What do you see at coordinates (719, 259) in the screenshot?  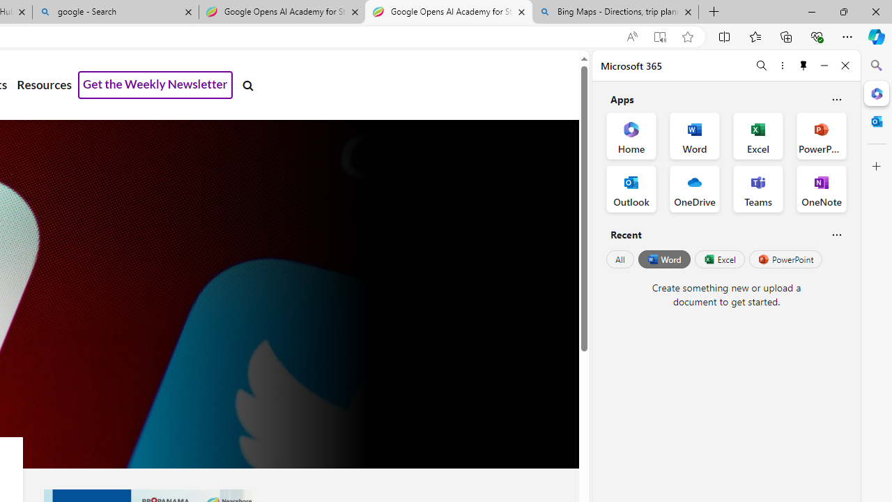 I see `'Excel'` at bounding box center [719, 259].